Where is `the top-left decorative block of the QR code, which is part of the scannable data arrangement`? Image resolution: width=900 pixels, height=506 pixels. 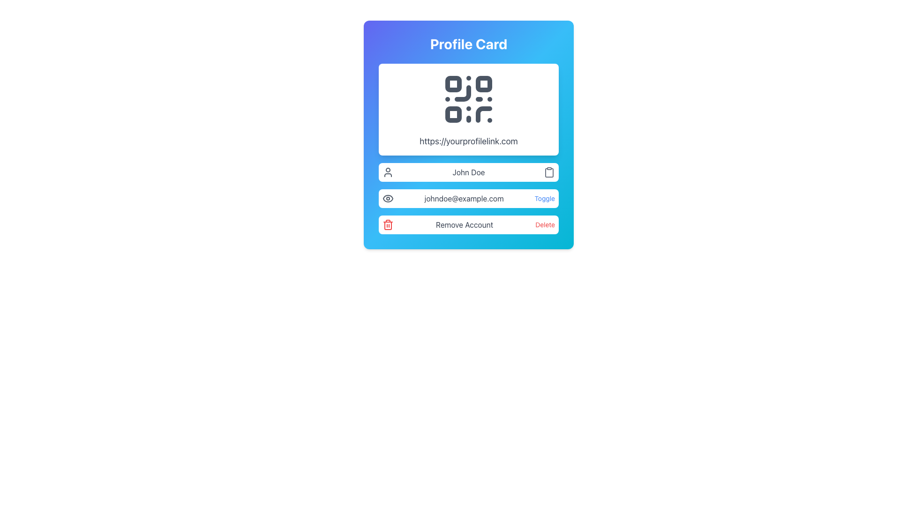 the top-left decorative block of the QR code, which is part of the scannable data arrangement is located at coordinates (453, 83).